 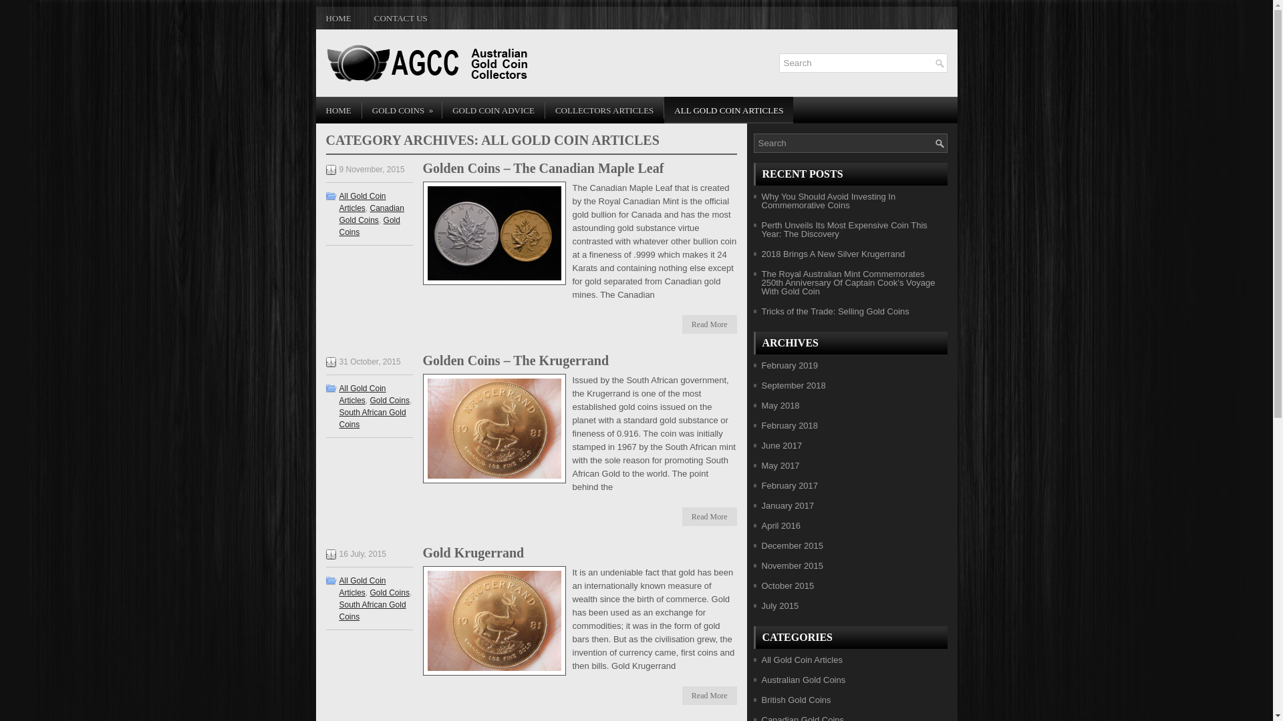 I want to click on 'Tricks of the Trade: Selling Gold Coins', so click(x=835, y=311).